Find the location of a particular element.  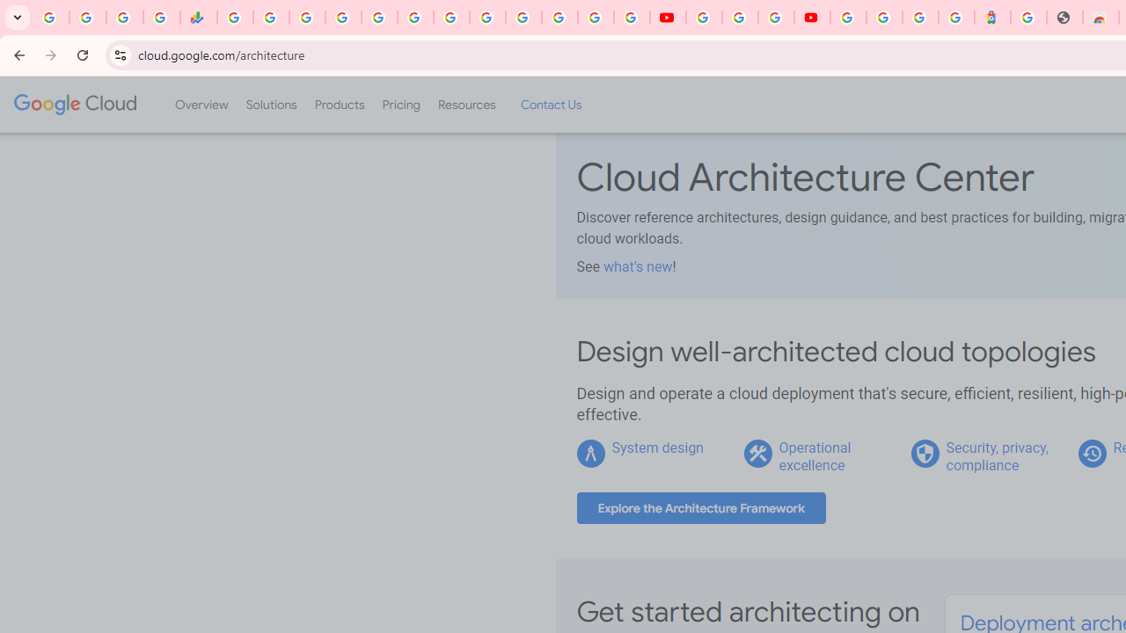

'Contact Us' is located at coordinates (550, 105).